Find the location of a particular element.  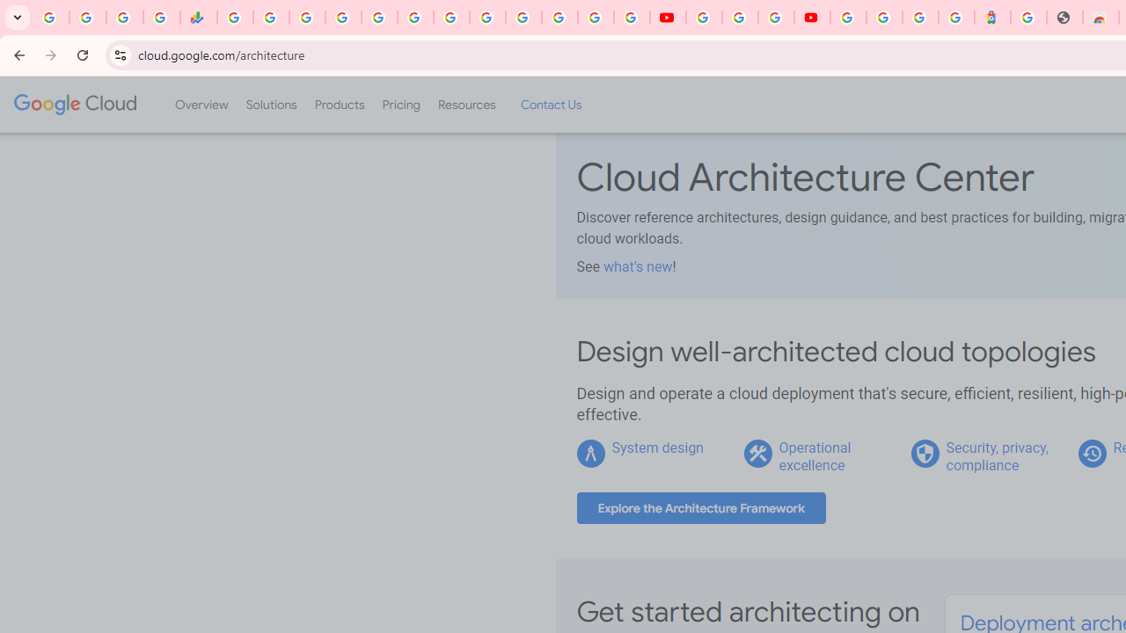

'Contact Us' is located at coordinates (550, 105).